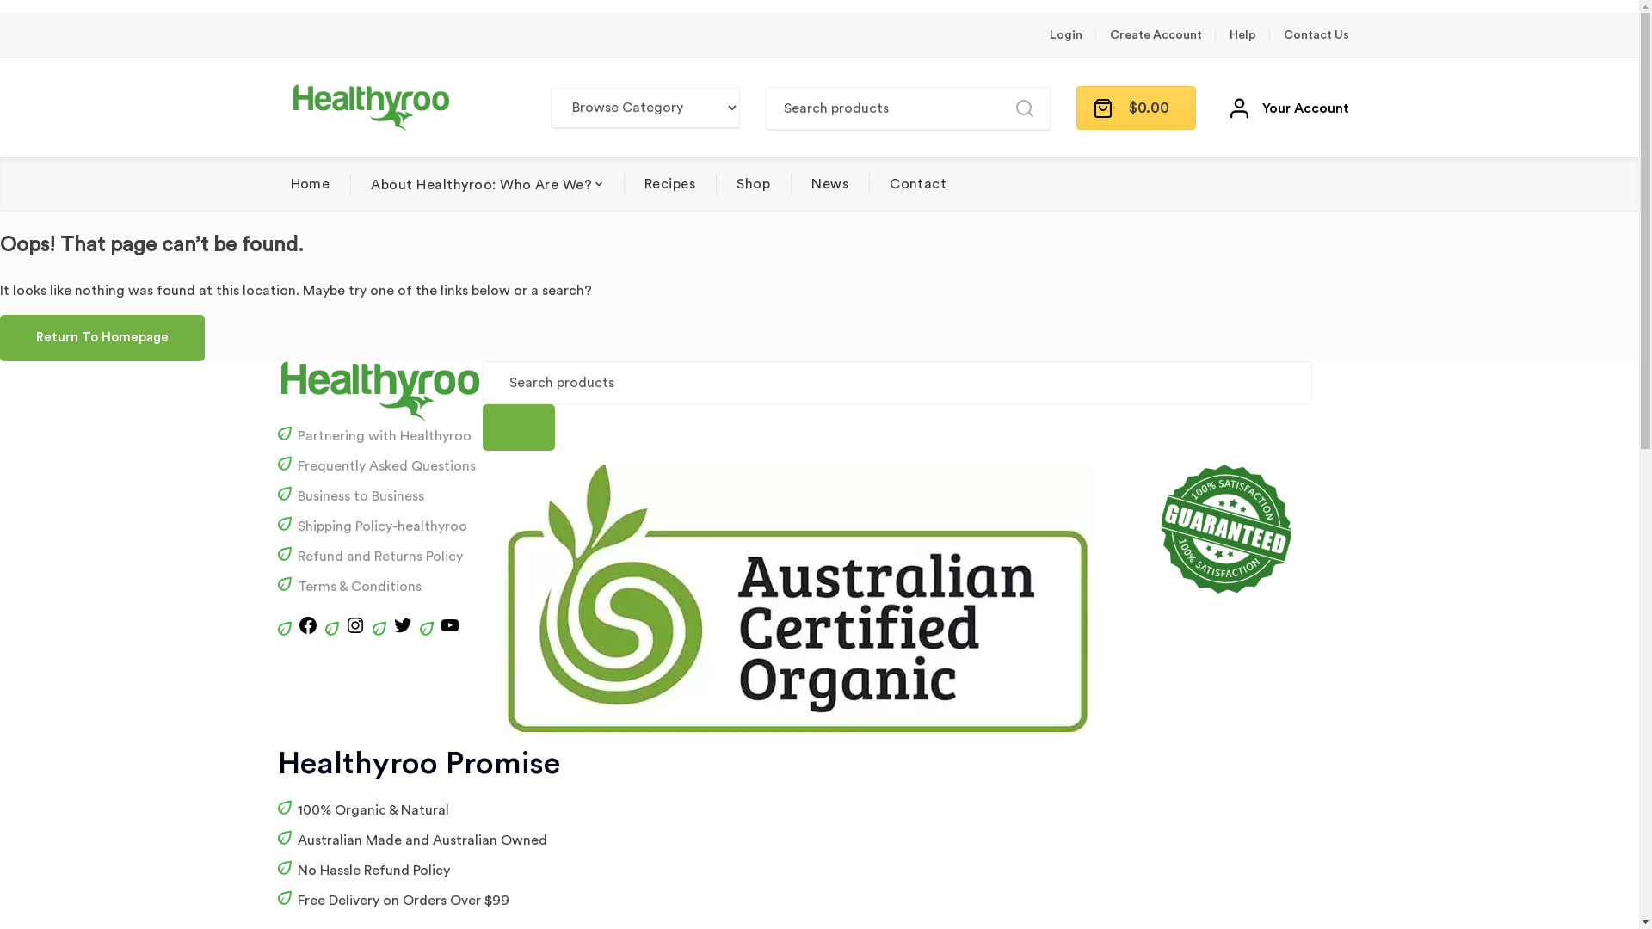 Image resolution: width=1652 pixels, height=929 pixels. Describe the element at coordinates (1064, 35) in the screenshot. I see `'Login'` at that location.